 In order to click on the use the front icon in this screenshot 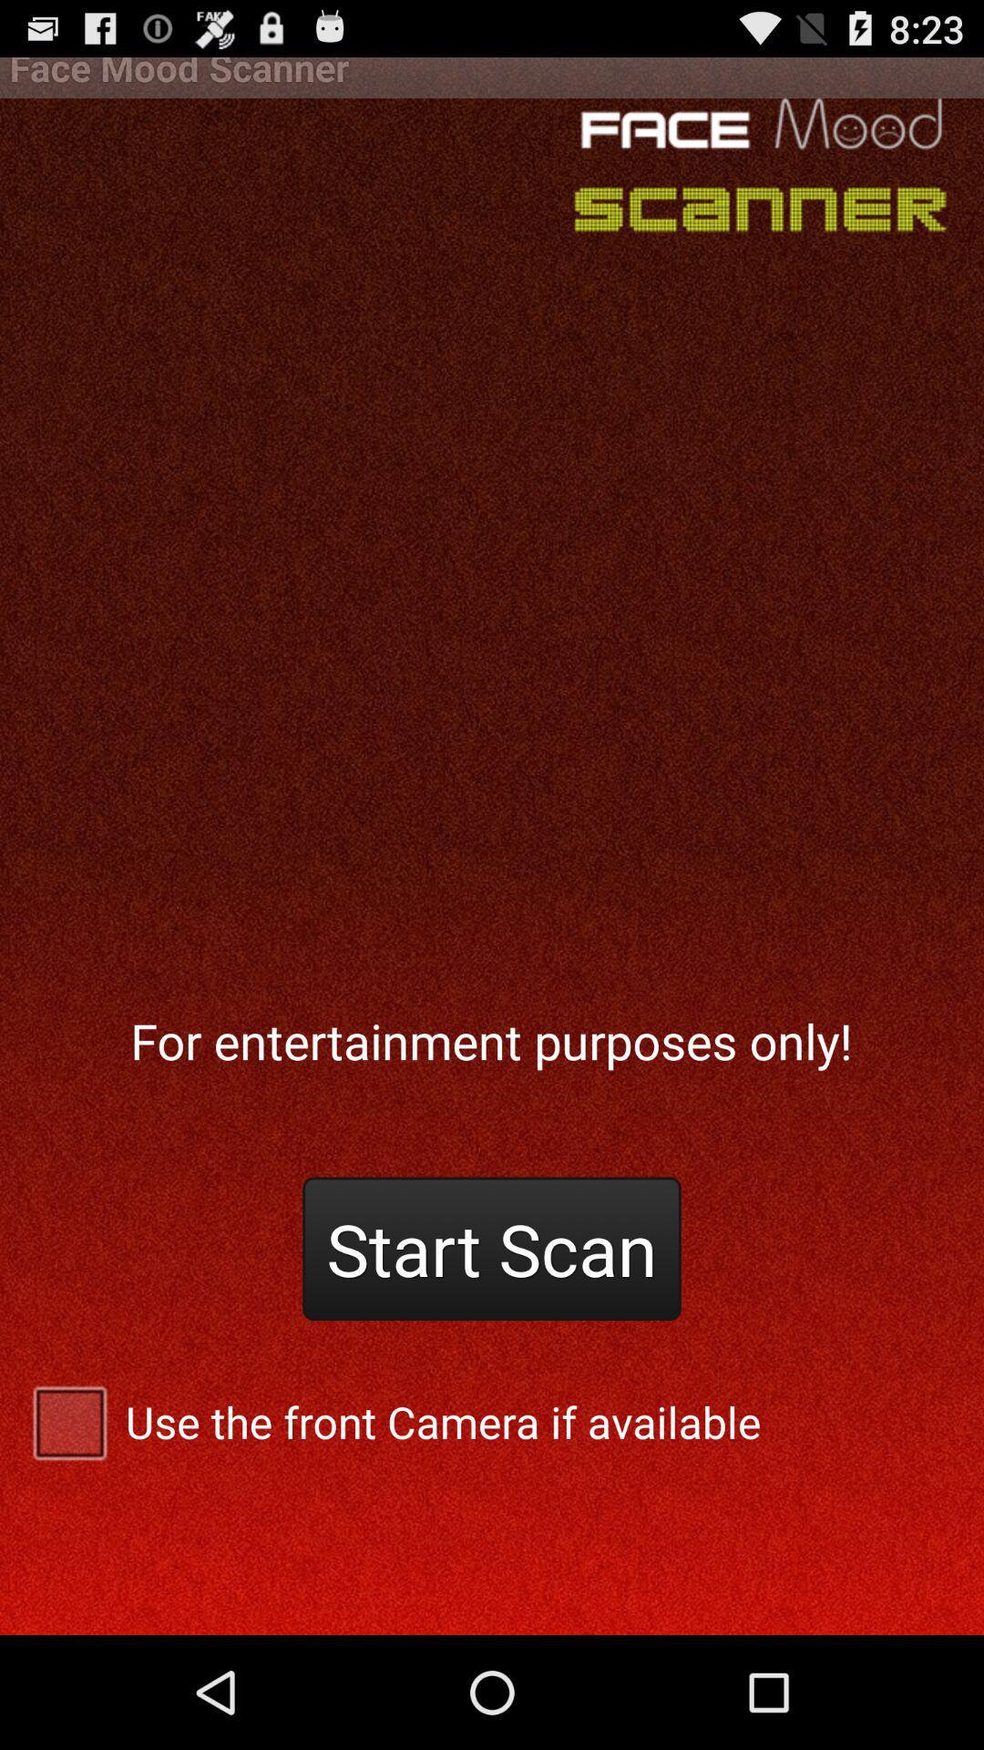, I will do `click(492, 1421)`.